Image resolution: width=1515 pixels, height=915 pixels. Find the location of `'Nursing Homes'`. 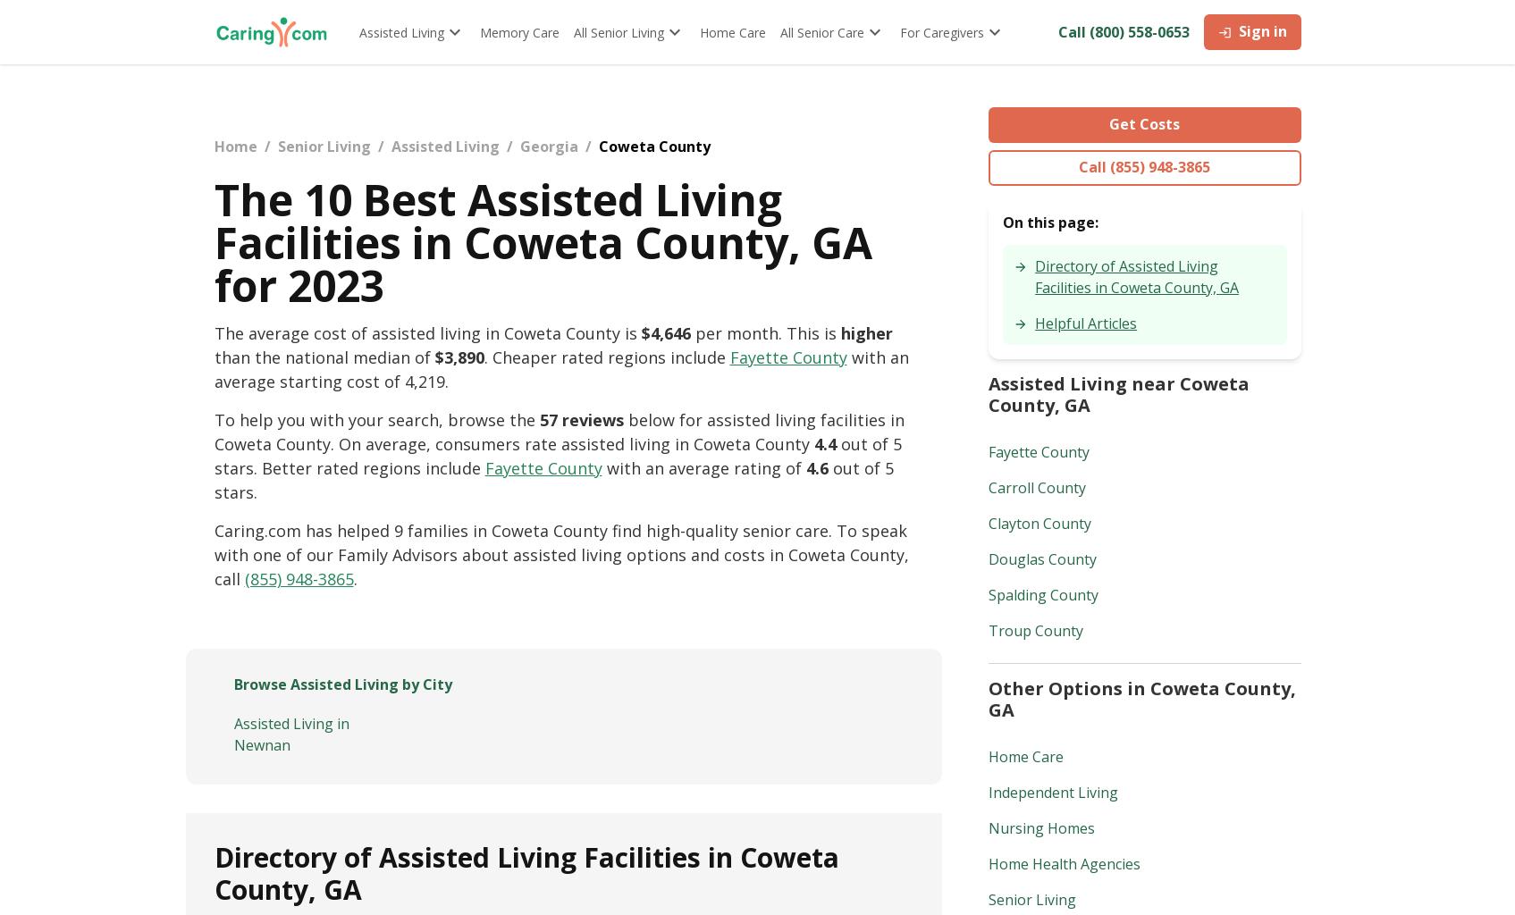

'Nursing Homes' is located at coordinates (1040, 827).